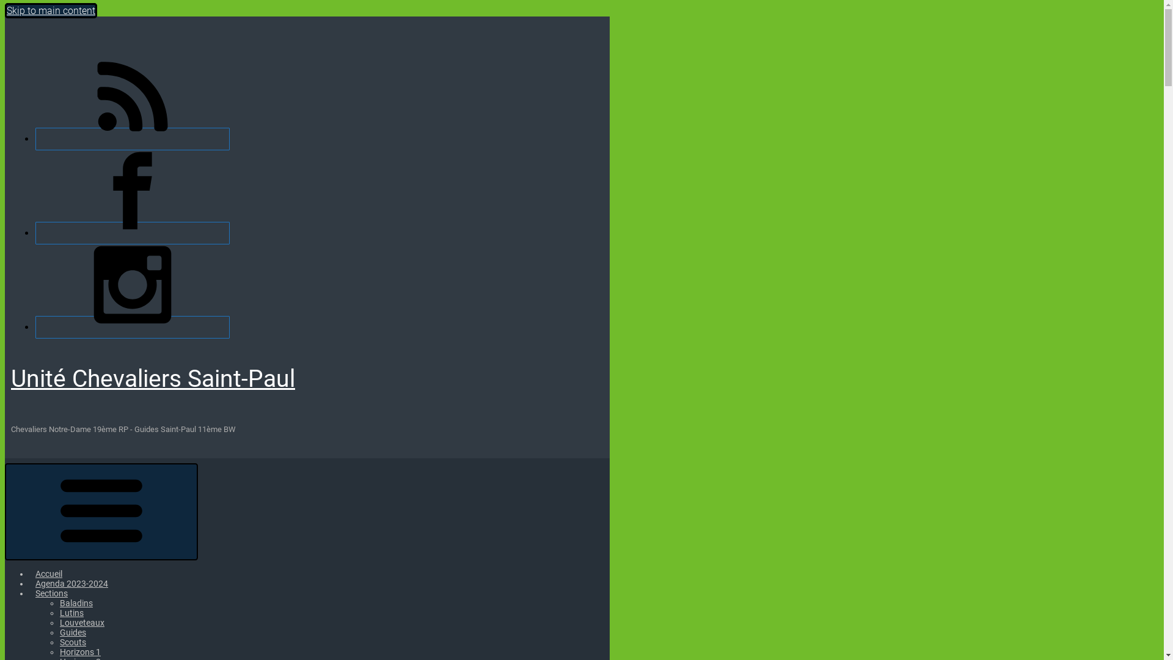  Describe the element at coordinates (79, 651) in the screenshot. I see `'Horizons 1'` at that location.